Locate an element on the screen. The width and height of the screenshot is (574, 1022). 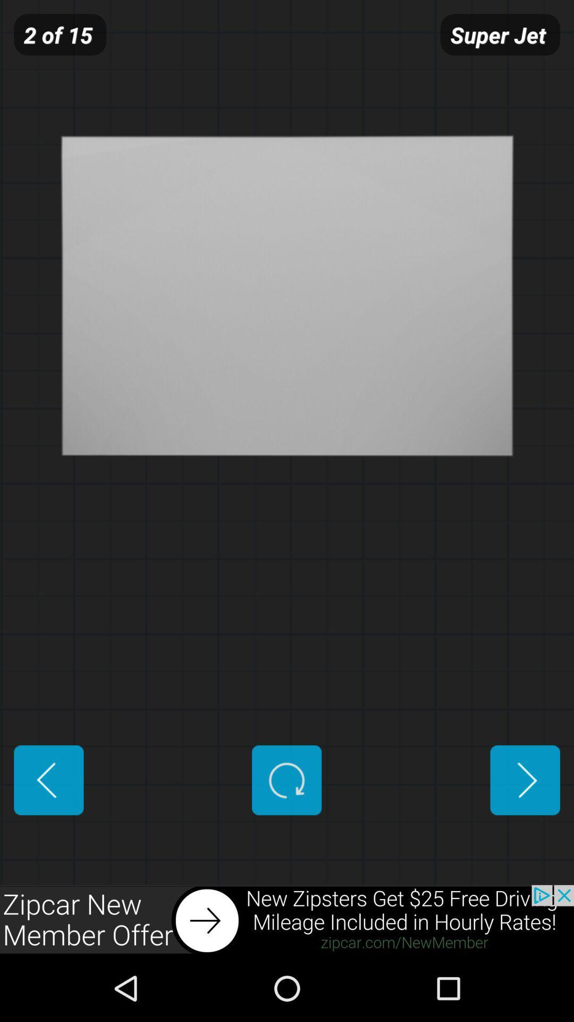
the refresh icon is located at coordinates (286, 834).